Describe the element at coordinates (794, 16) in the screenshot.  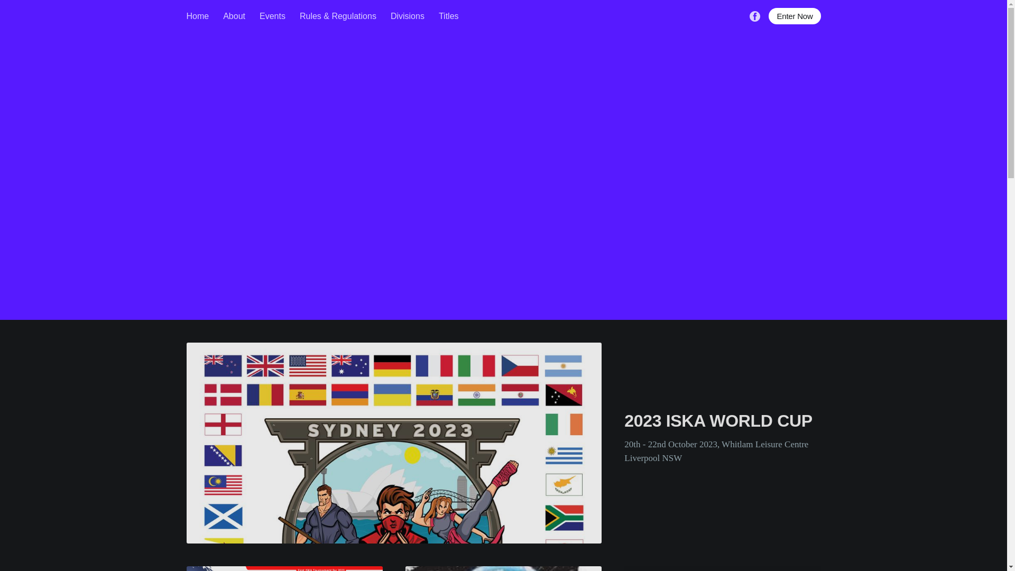
I see `'Enter Now'` at that location.